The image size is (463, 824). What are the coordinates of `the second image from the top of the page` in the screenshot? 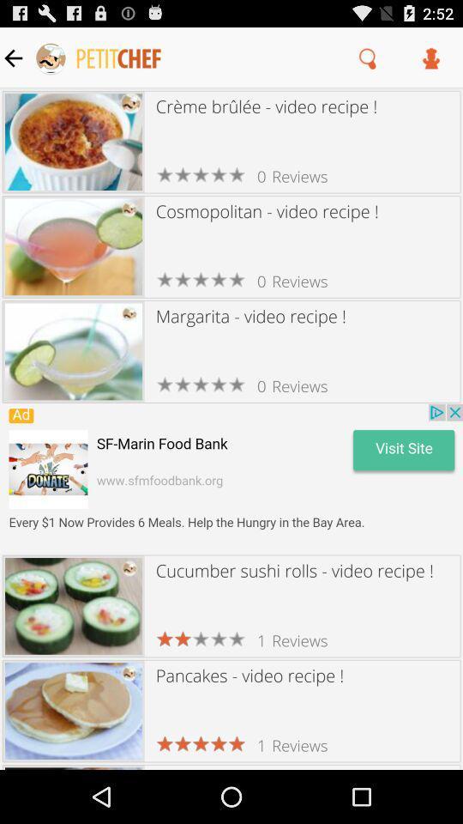 It's located at (73, 245).